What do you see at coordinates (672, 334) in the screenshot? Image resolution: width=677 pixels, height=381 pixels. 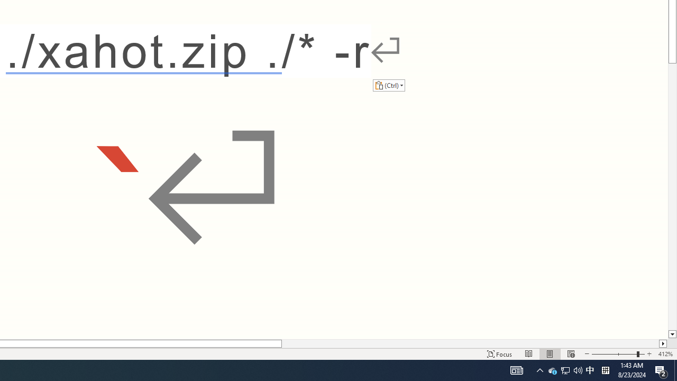 I see `'Line down'` at bounding box center [672, 334].